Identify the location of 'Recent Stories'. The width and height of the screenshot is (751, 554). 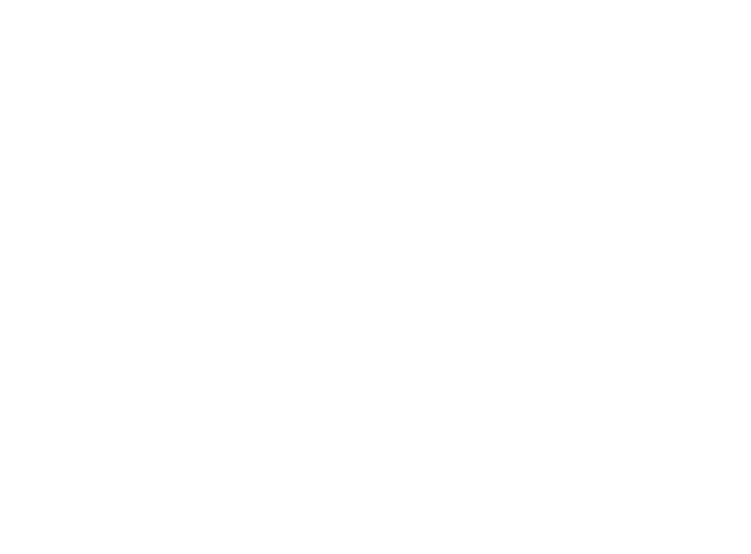
(70, 77).